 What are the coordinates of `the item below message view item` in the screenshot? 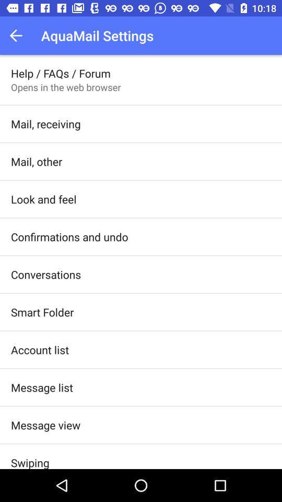 It's located at (30, 461).